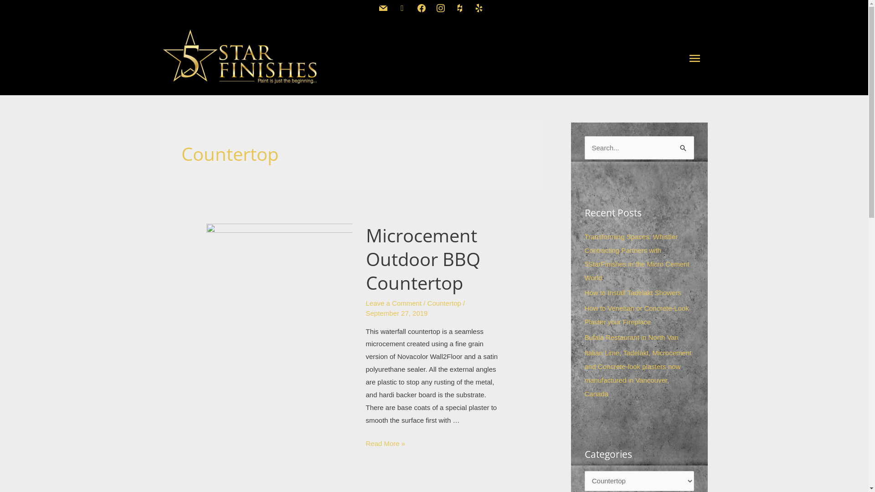 The width and height of the screenshot is (875, 492). I want to click on 'mail', so click(383, 7).